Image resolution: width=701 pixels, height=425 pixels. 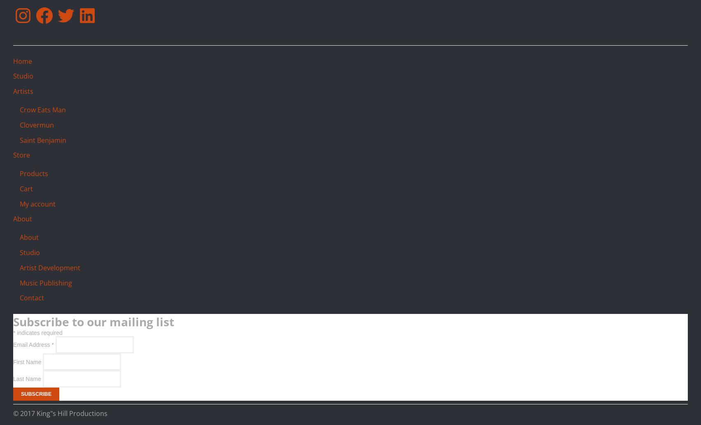 What do you see at coordinates (28, 361) in the screenshot?
I see `'First Name'` at bounding box center [28, 361].